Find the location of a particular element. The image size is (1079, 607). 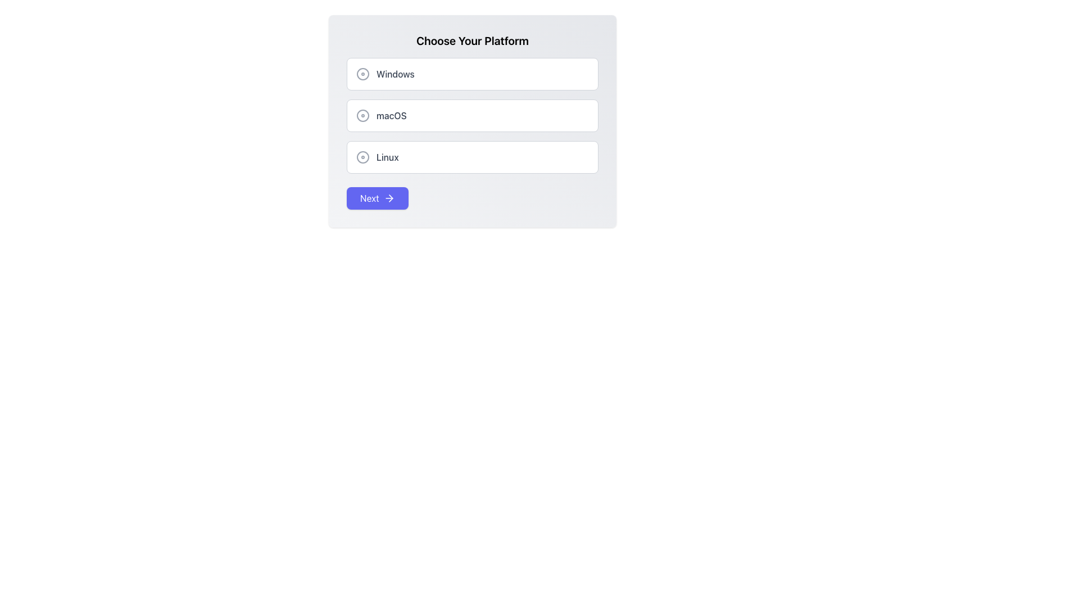

the outer circle of the SVG Circle element indicating selection status, located near the text 'Windows' is located at coordinates (363, 74).